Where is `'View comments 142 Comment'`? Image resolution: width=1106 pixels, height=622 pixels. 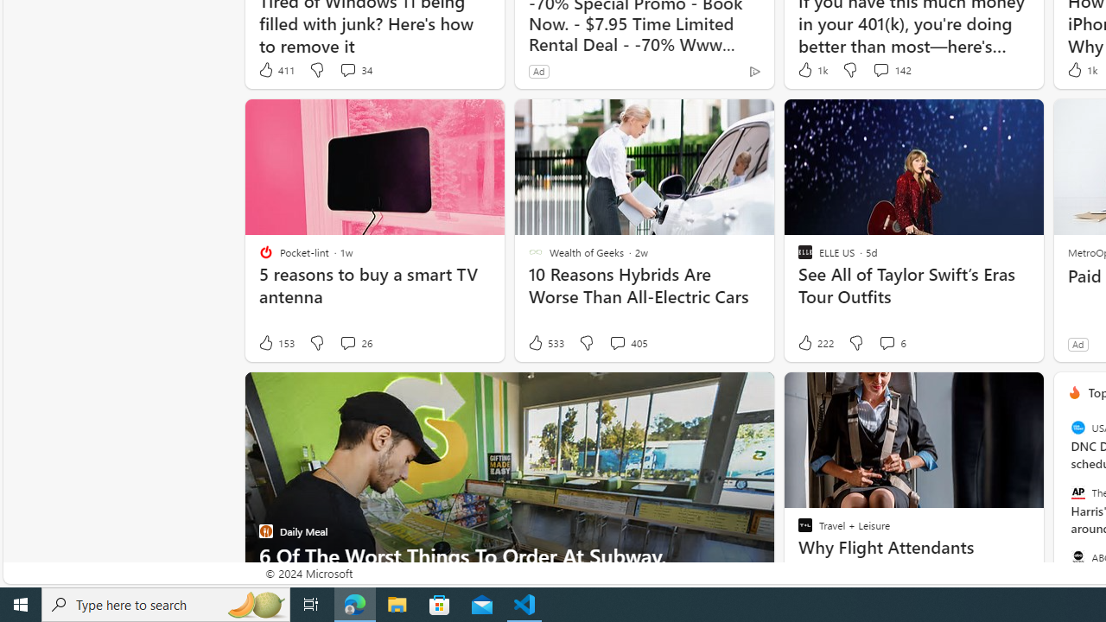 'View comments 142 Comment' is located at coordinates (891, 69).